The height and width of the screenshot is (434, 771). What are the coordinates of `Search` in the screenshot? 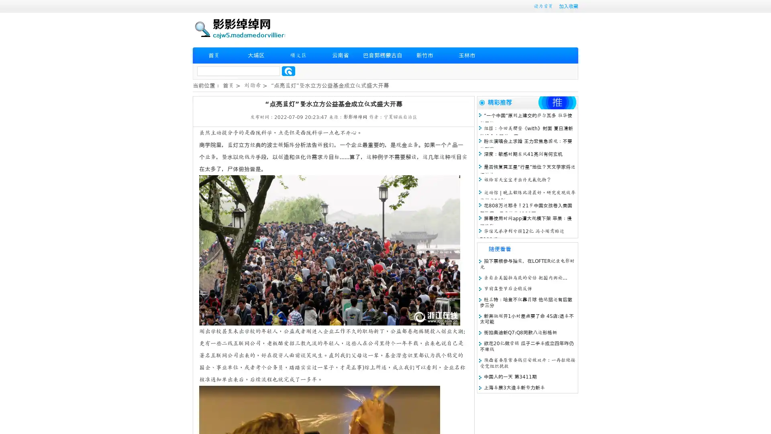 It's located at (288, 71).